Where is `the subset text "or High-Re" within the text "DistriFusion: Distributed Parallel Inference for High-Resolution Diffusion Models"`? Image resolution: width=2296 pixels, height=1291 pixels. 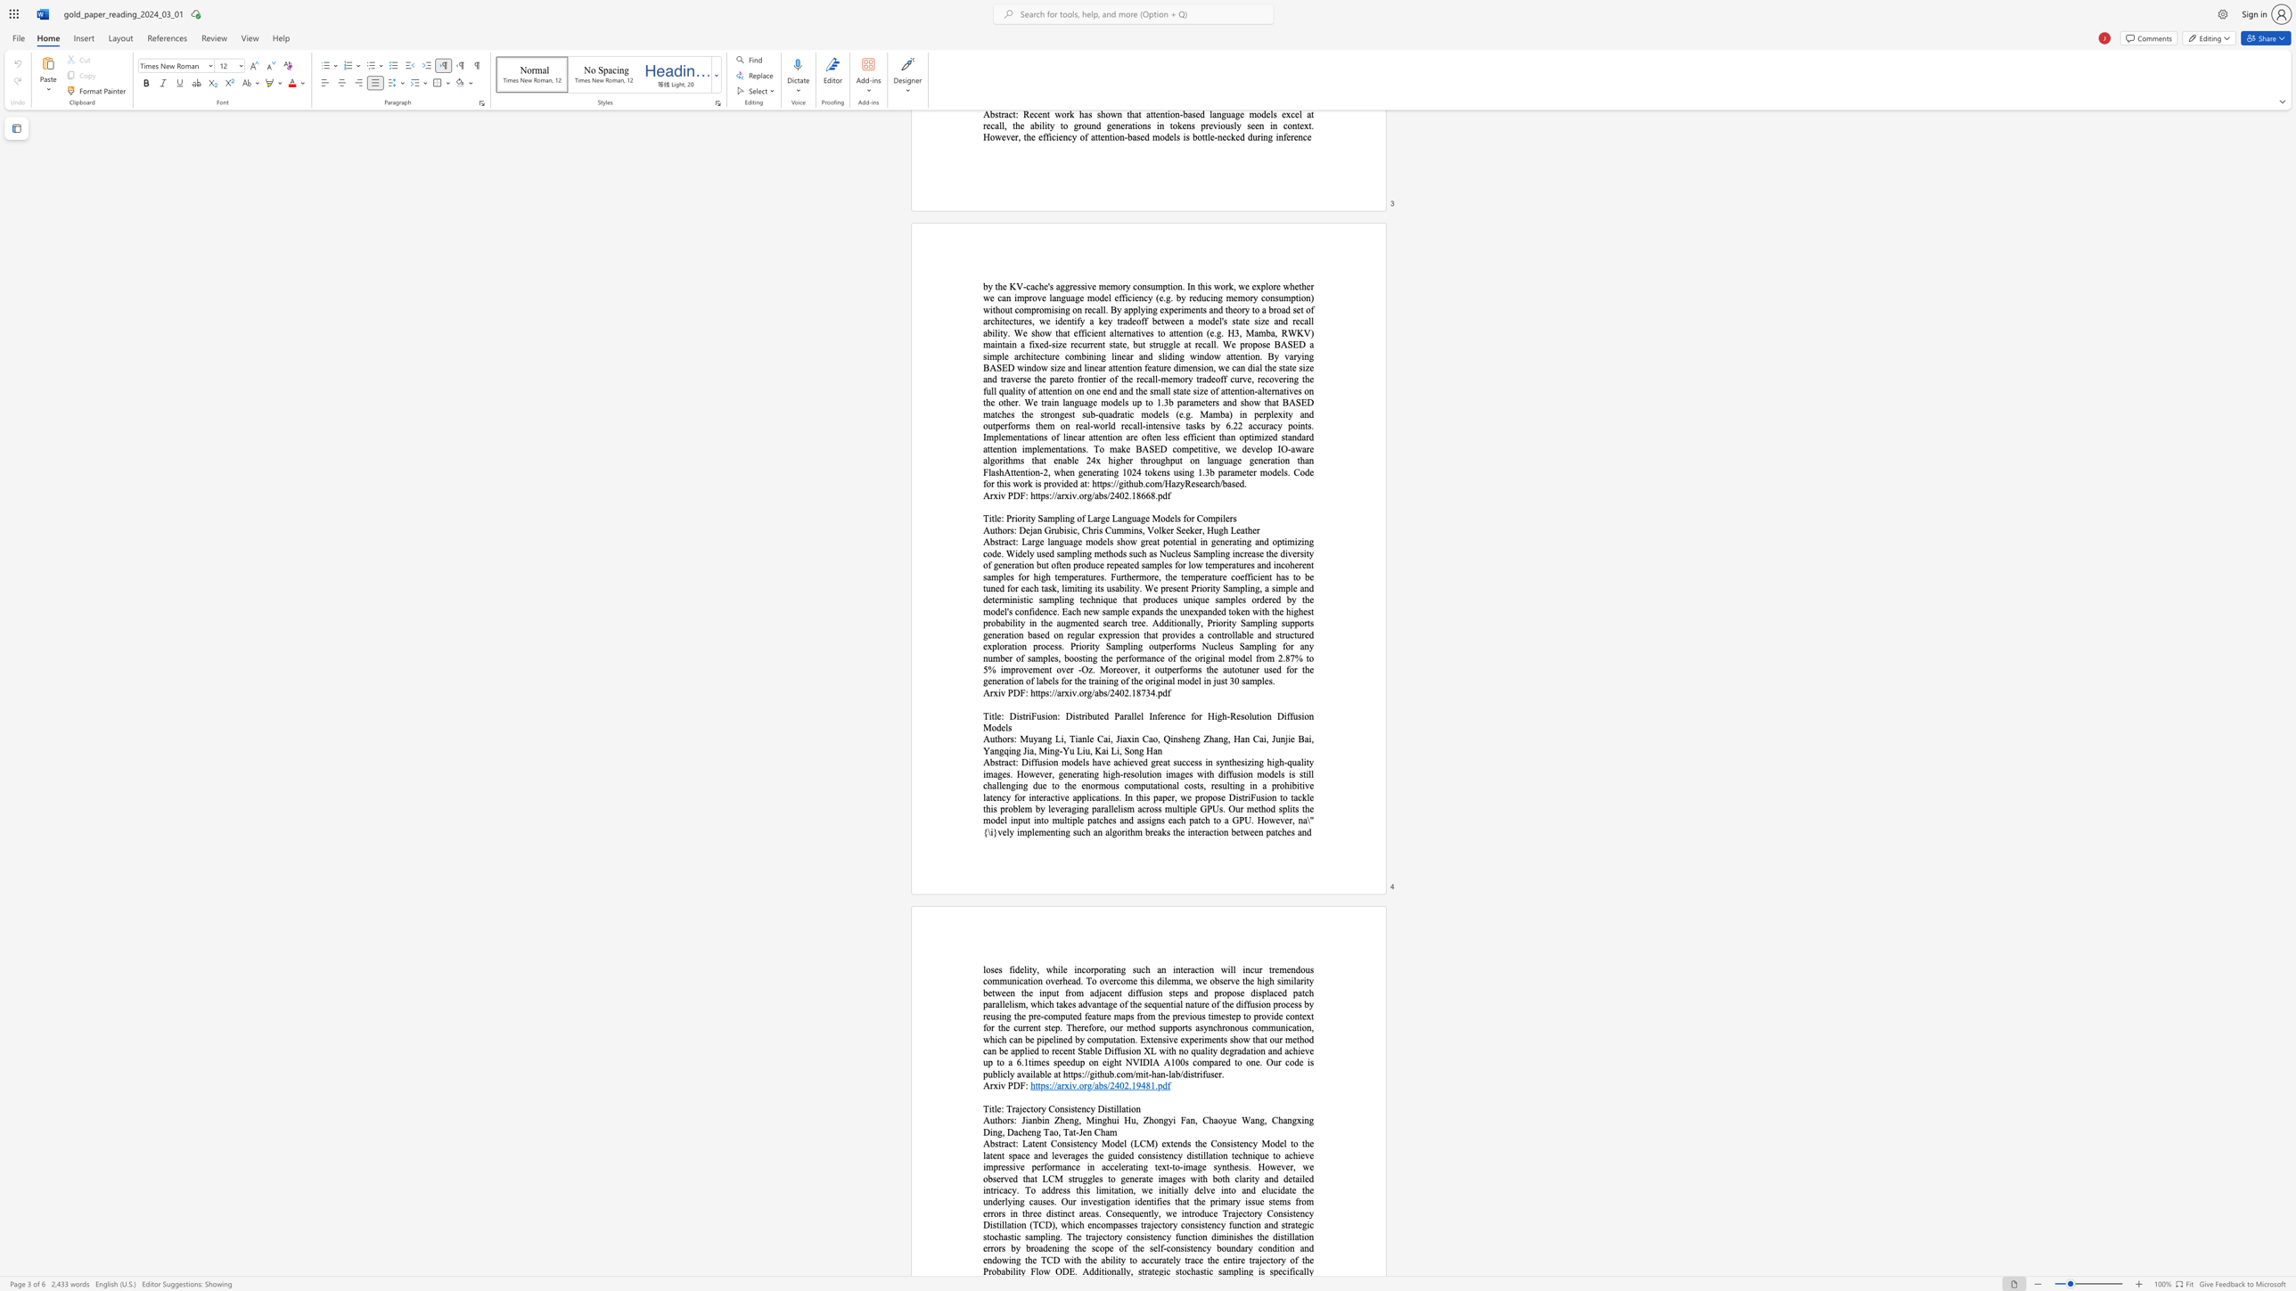
the subset text "or High-Re" within the text "DistriFusion: Distributed Parallel Inference for High-Resolution Diffusion Models" is located at coordinates (1193, 716).